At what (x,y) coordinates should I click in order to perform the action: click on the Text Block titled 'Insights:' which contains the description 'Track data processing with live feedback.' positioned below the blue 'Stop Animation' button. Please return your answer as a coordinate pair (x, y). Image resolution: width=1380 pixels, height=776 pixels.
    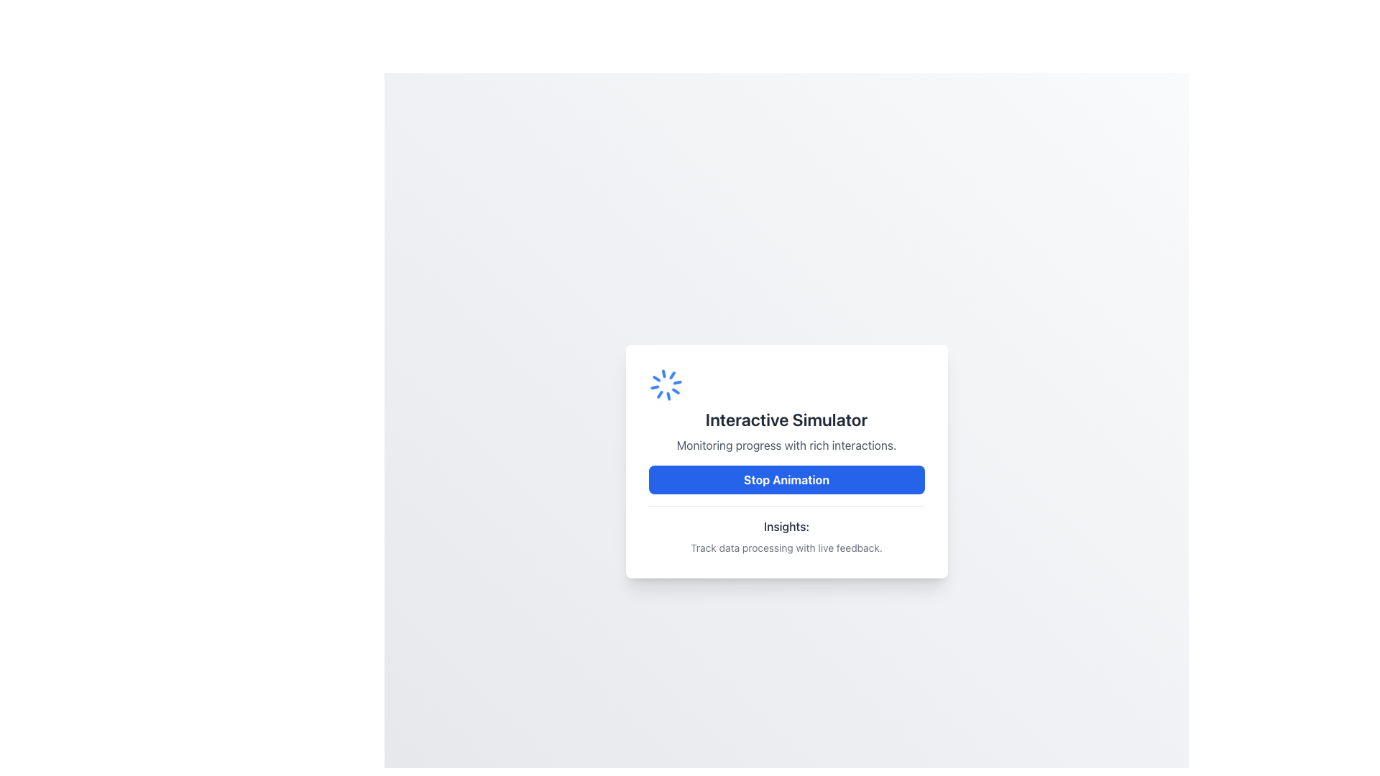
    Looking at the image, I should click on (786, 530).